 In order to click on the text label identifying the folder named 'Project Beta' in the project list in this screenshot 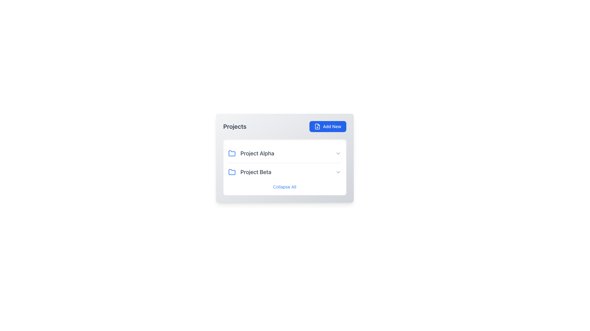, I will do `click(256, 172)`.